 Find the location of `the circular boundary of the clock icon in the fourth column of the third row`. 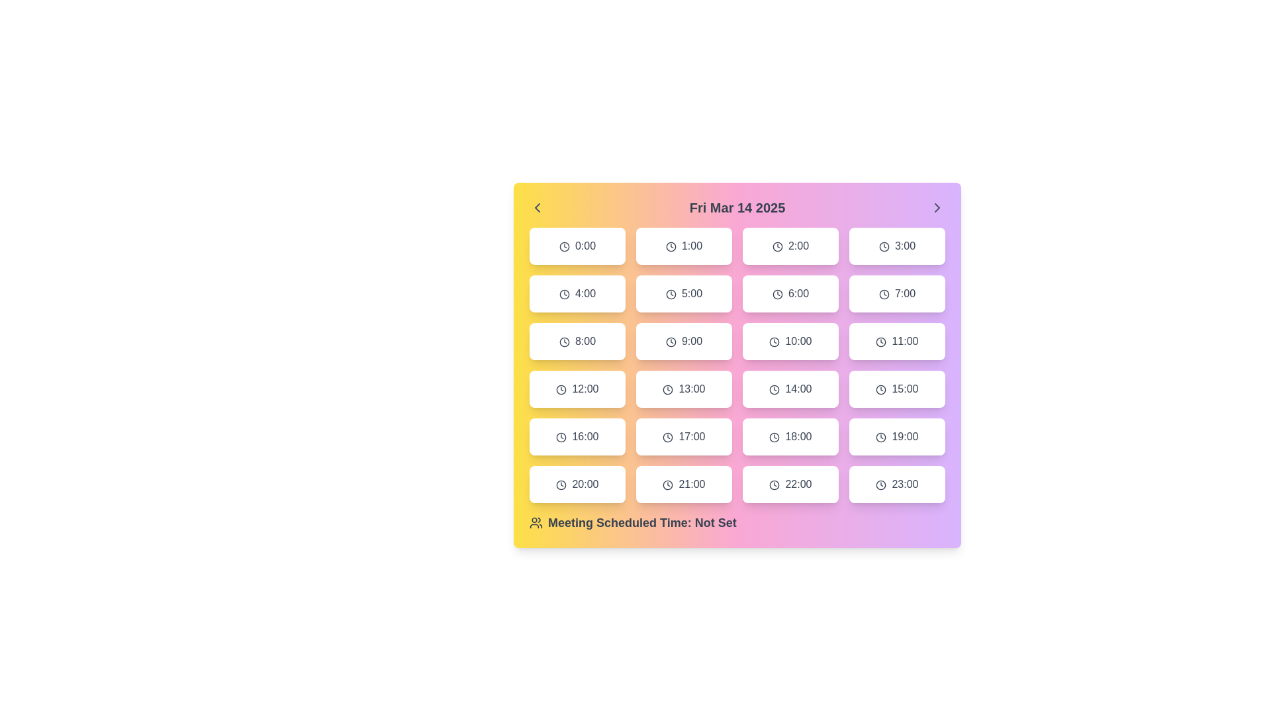

the circular boundary of the clock icon in the fourth column of the third row is located at coordinates (775, 389).